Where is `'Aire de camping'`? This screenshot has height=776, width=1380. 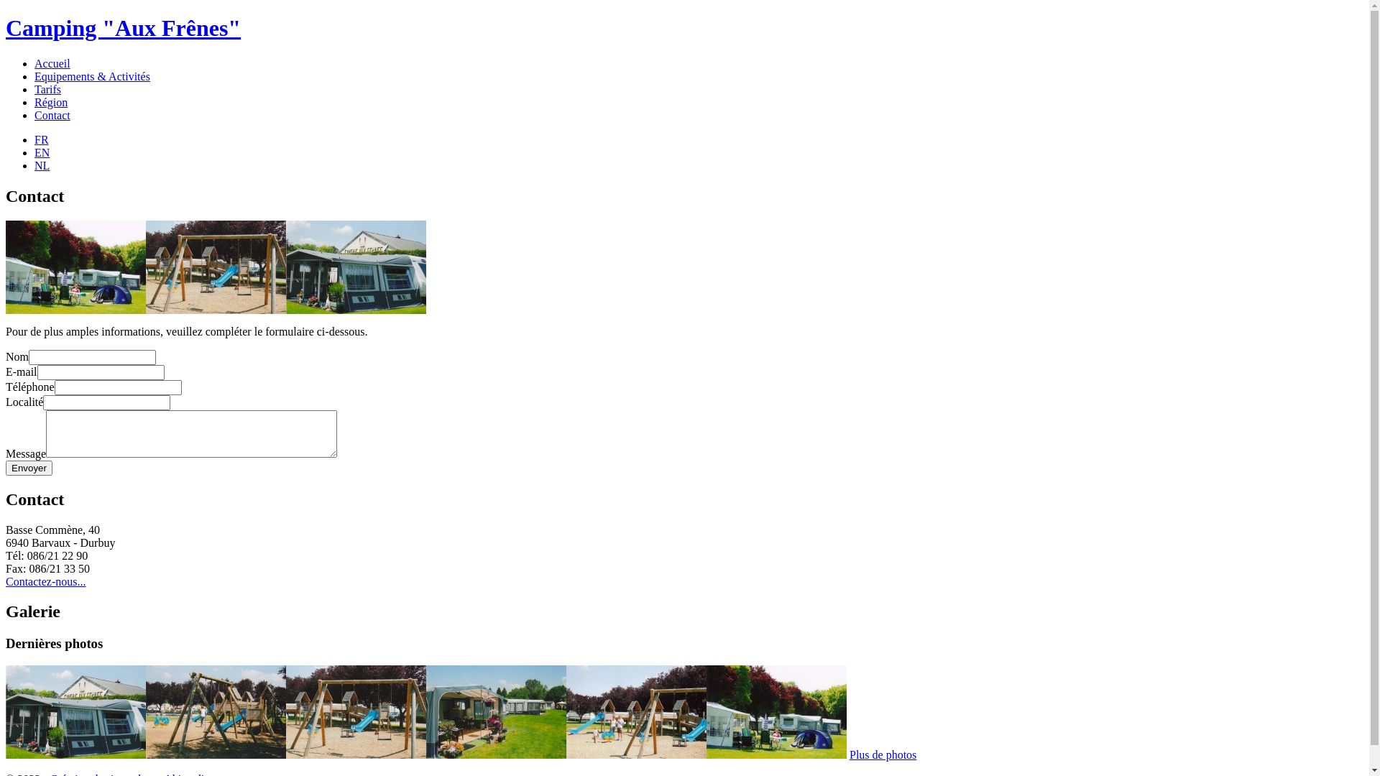 'Aire de camping' is located at coordinates (6, 754).